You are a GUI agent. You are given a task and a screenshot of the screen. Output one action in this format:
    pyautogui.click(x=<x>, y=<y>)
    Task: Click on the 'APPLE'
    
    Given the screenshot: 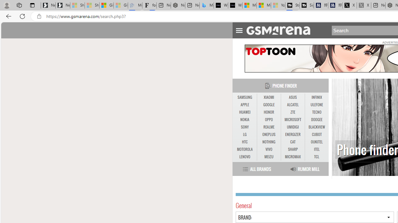 What is the action you would take?
    pyautogui.click(x=244, y=104)
    